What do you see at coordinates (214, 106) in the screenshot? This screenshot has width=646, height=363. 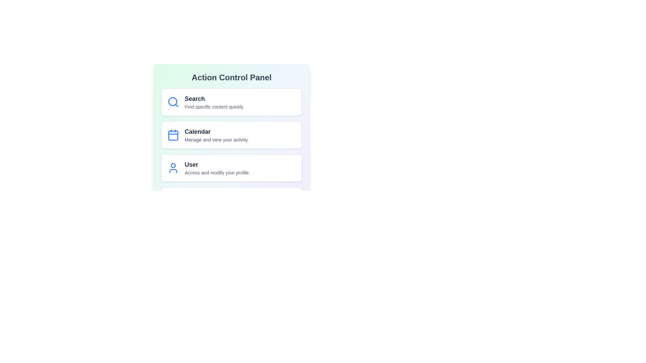 I see `the text label that says 'Find specific content quickly.' located below the 'Search' title` at bounding box center [214, 106].